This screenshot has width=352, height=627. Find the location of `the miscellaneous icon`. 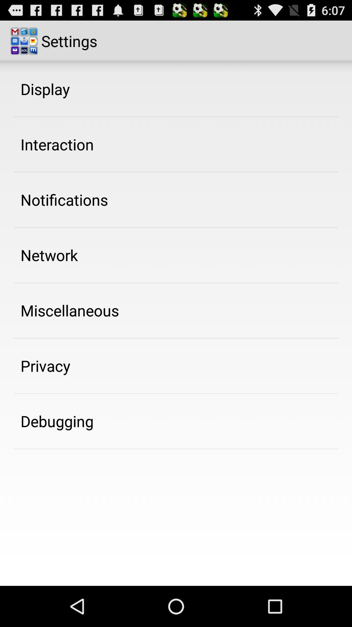

the miscellaneous icon is located at coordinates (70, 310).